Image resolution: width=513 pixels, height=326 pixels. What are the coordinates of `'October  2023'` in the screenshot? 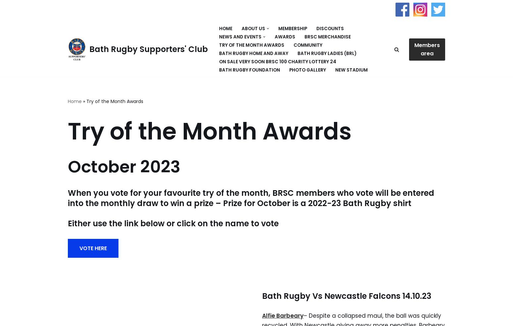 It's located at (123, 167).